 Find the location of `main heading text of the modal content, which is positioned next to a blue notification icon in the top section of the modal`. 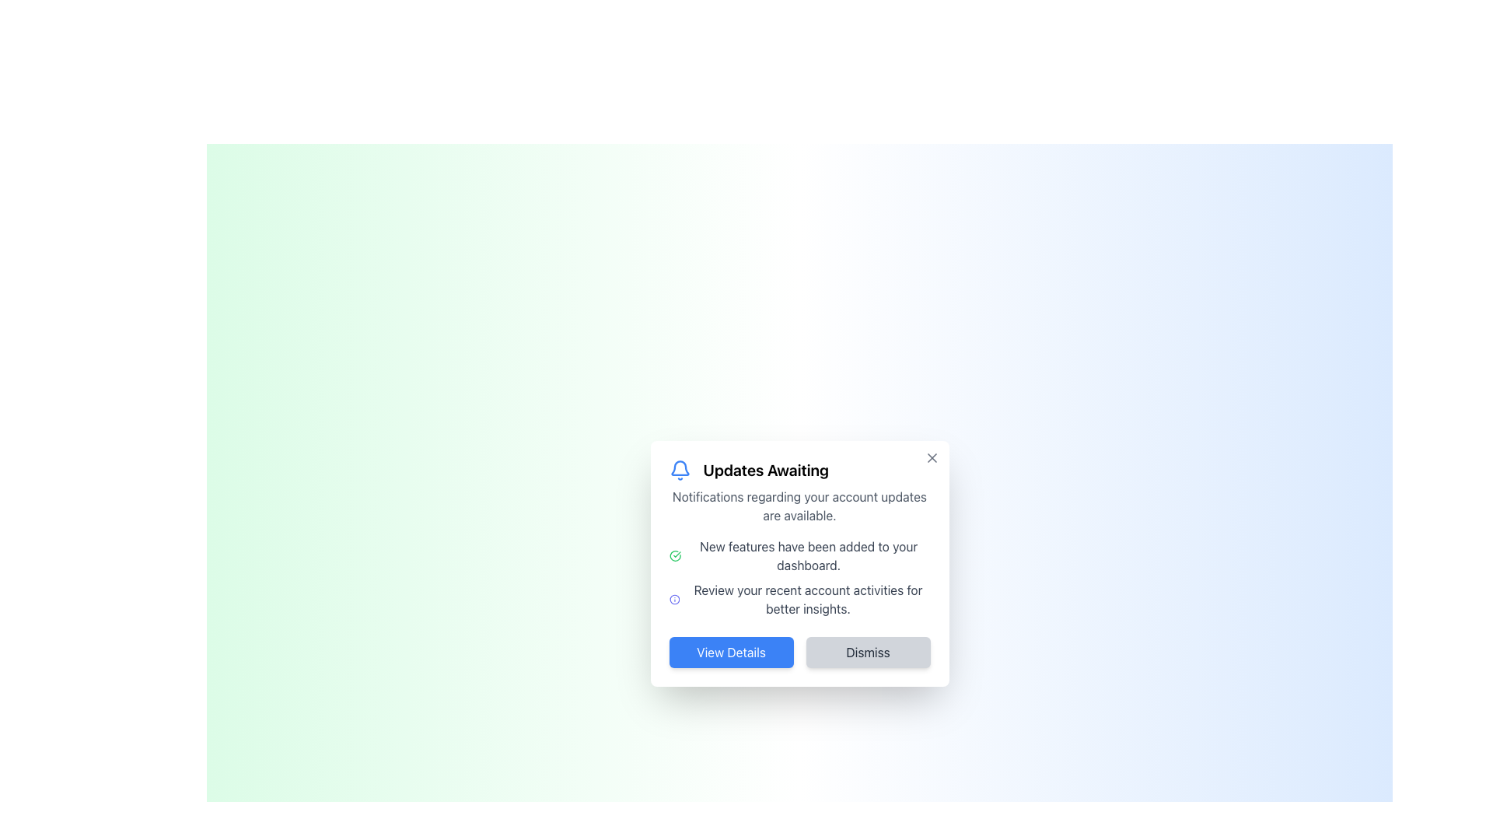

main heading text of the modal content, which is positioned next to a blue notification icon in the top section of the modal is located at coordinates (766, 470).